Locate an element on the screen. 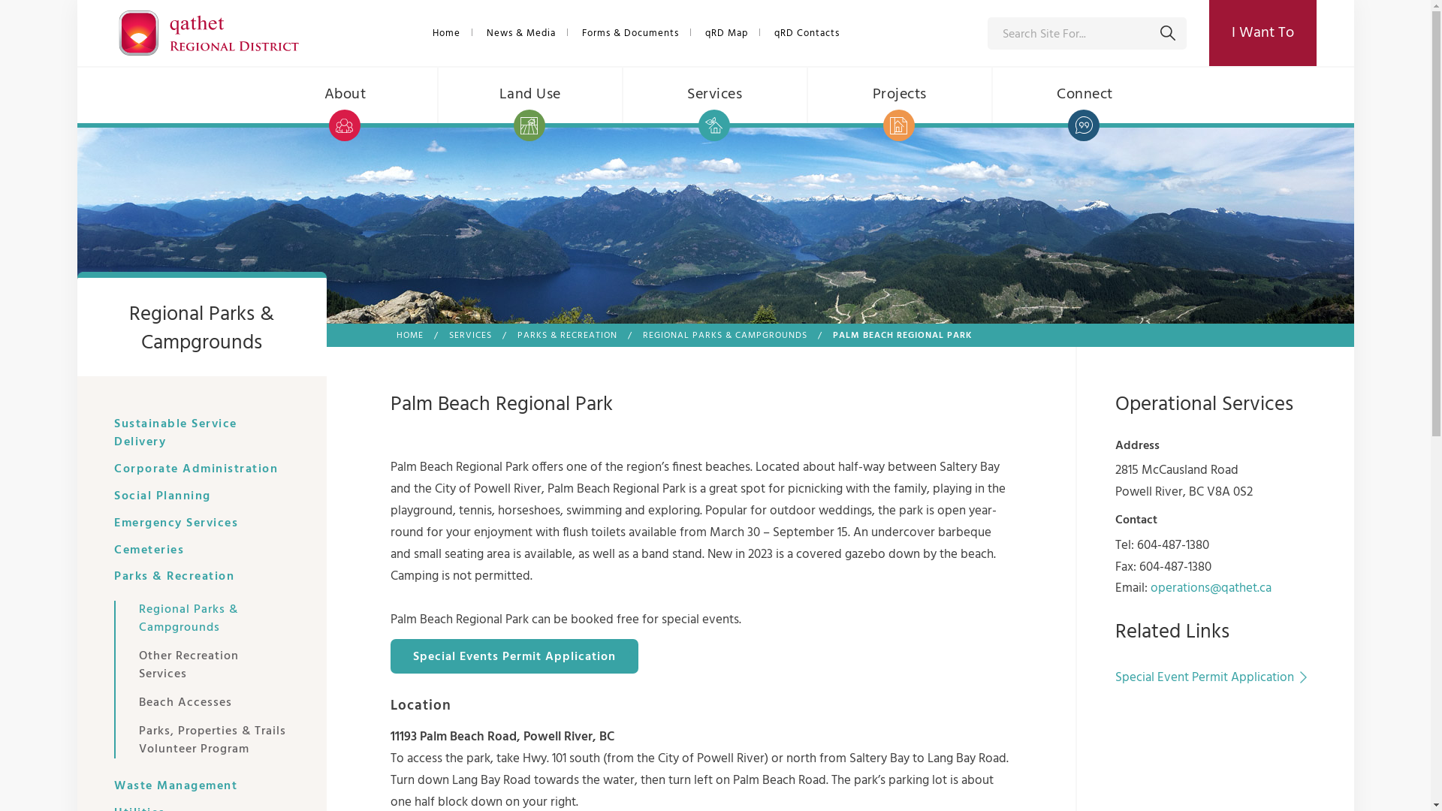 The height and width of the screenshot is (811, 1442). 'News & Media' is located at coordinates (521, 33).